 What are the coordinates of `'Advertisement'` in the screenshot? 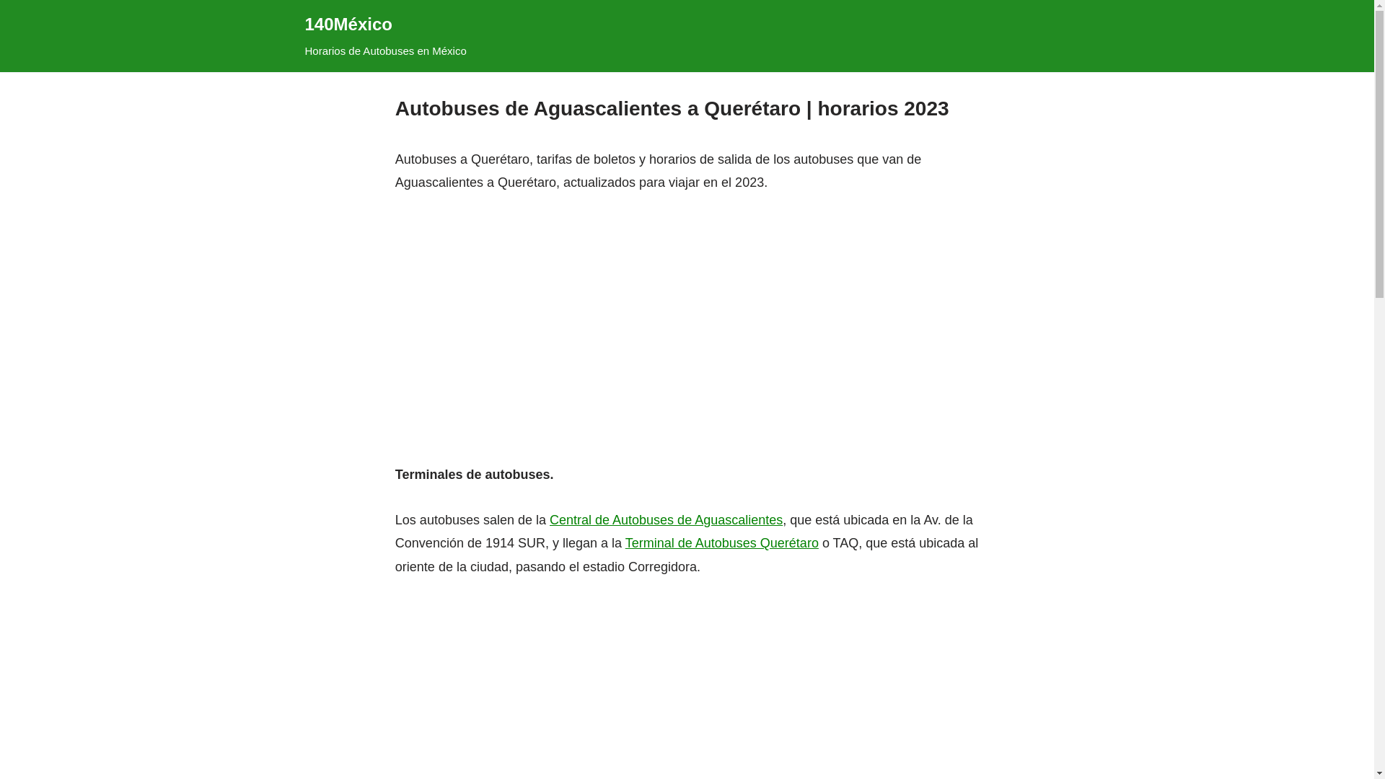 It's located at (685, 305).